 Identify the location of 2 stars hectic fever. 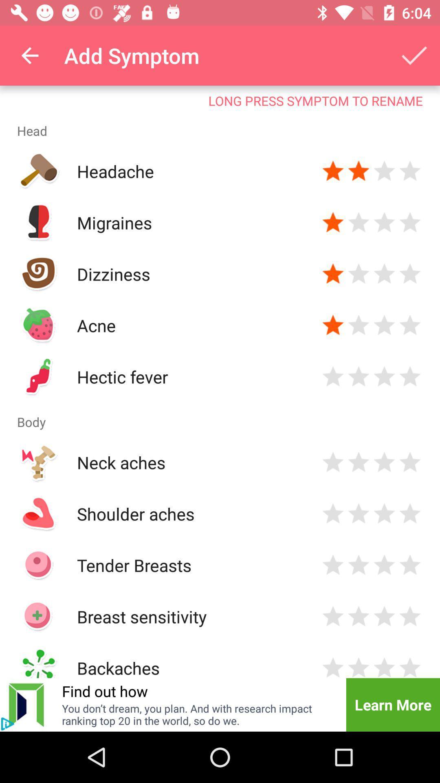
(358, 376).